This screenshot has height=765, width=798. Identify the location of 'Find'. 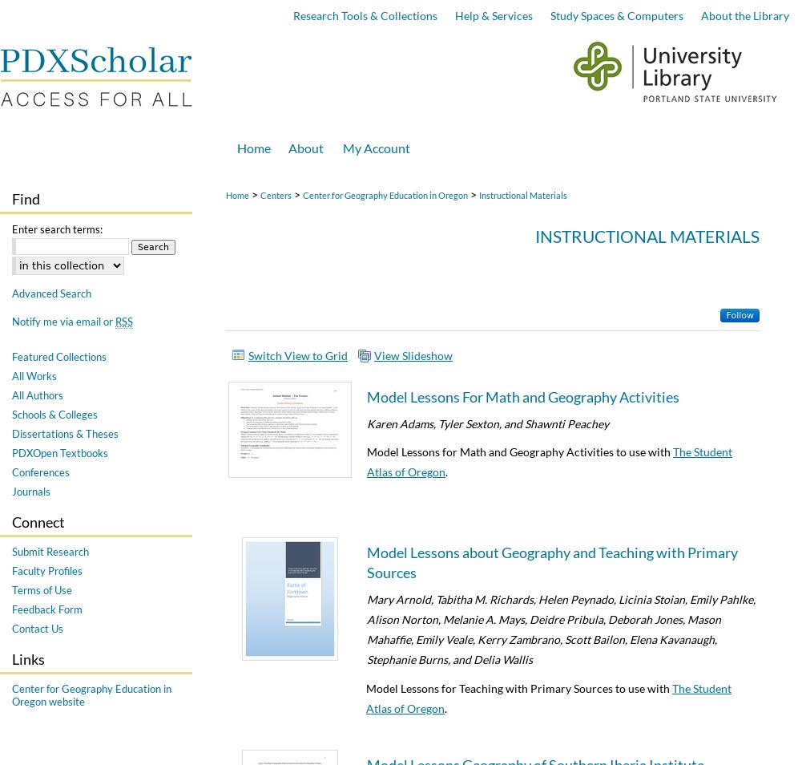
(26, 199).